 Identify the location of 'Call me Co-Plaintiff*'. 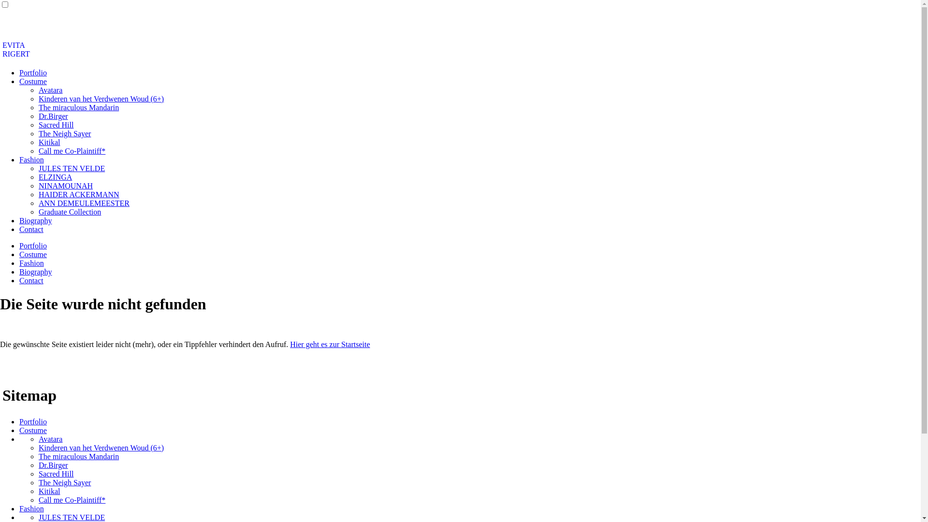
(71, 500).